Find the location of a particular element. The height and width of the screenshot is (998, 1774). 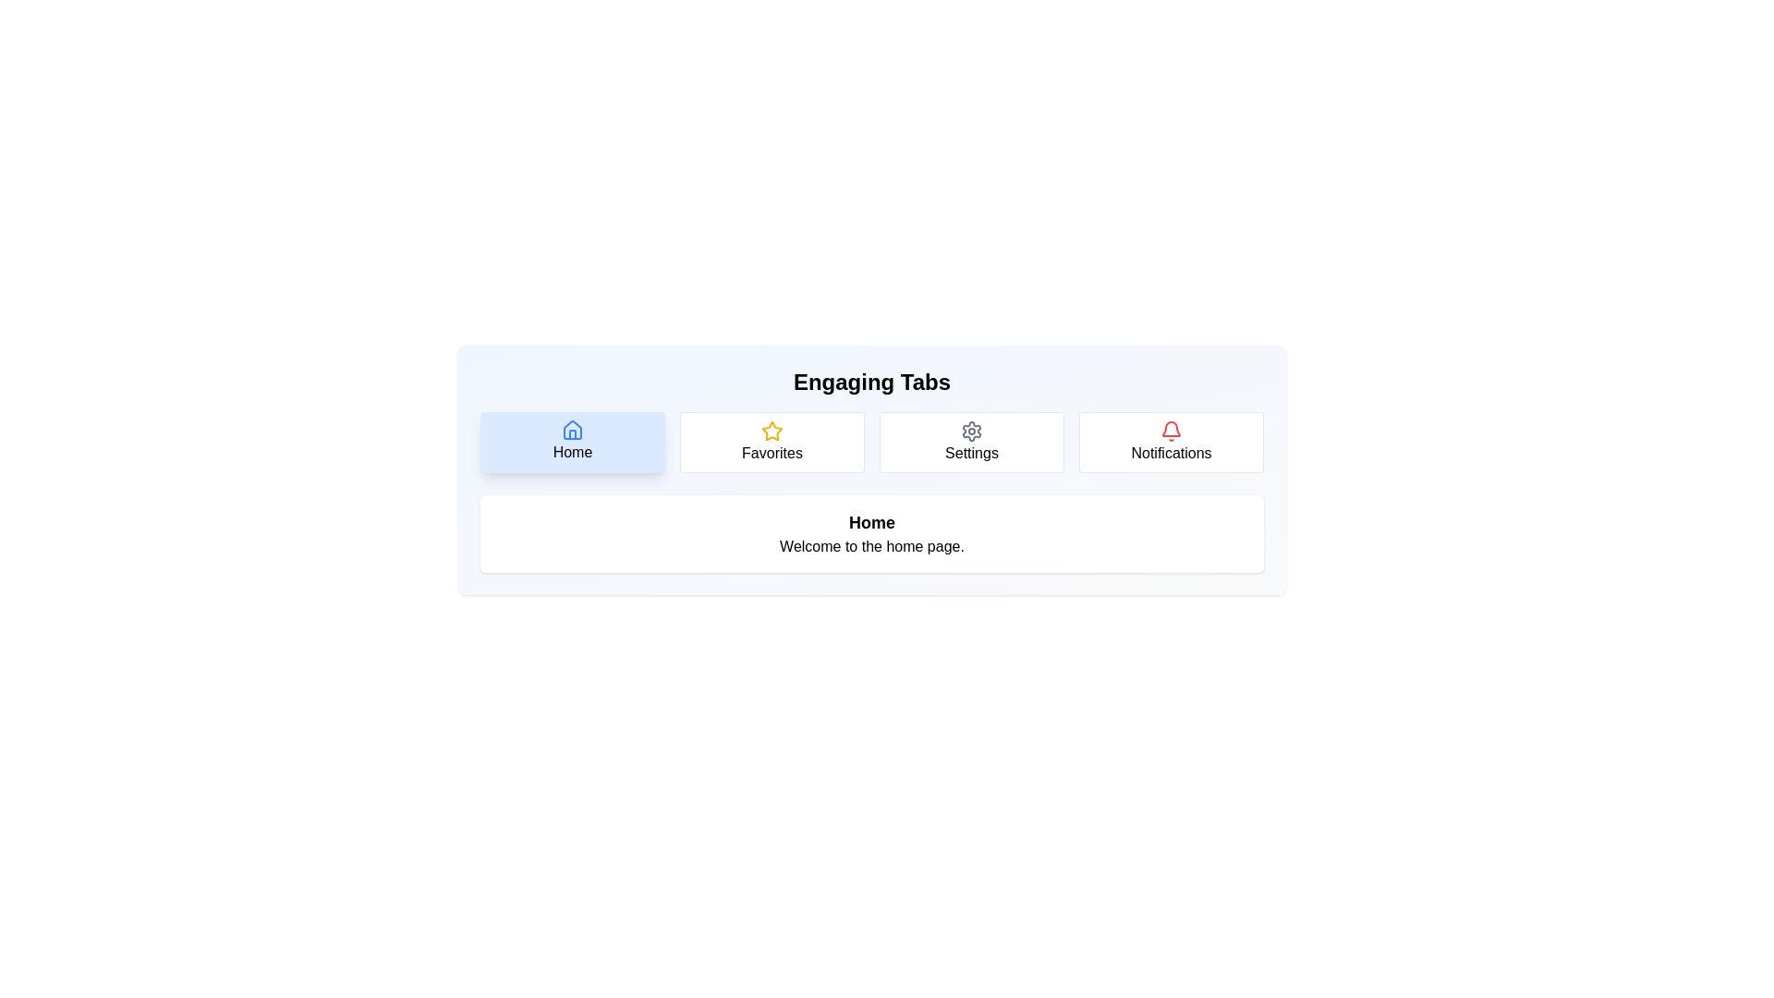

the Settings tab by clicking its button is located at coordinates (970, 442).